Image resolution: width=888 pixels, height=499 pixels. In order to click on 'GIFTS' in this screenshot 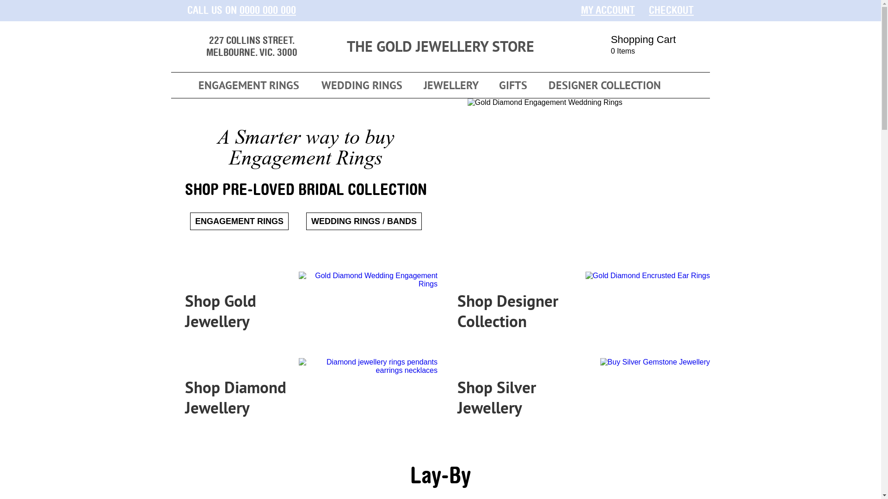, I will do `click(512, 85)`.